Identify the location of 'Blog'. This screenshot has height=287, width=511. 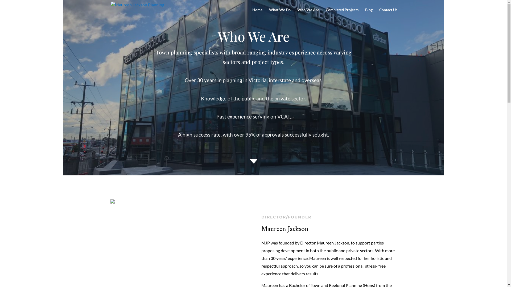
(369, 13).